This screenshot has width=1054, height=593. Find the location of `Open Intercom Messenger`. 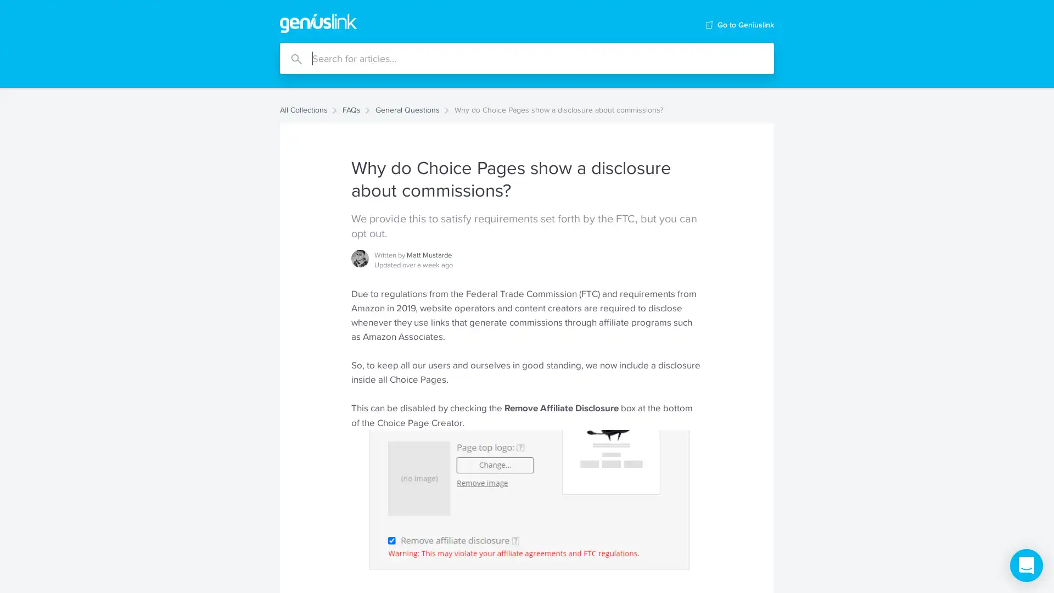

Open Intercom Messenger is located at coordinates (1026, 565).